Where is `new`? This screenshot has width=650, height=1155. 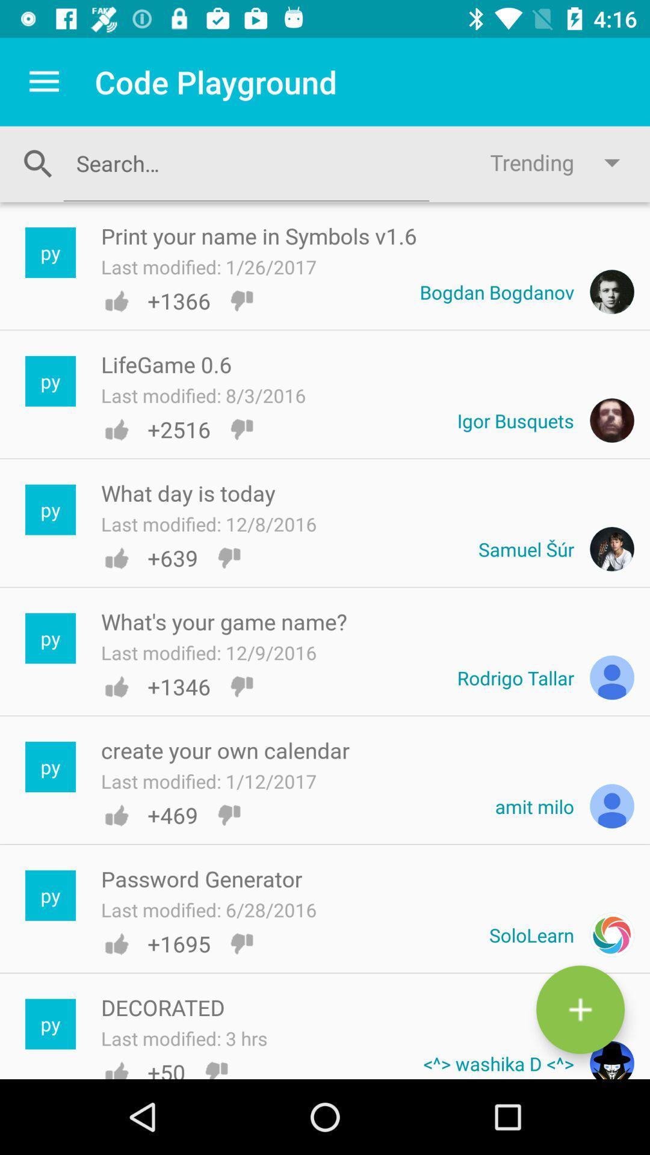 new is located at coordinates (580, 1009).